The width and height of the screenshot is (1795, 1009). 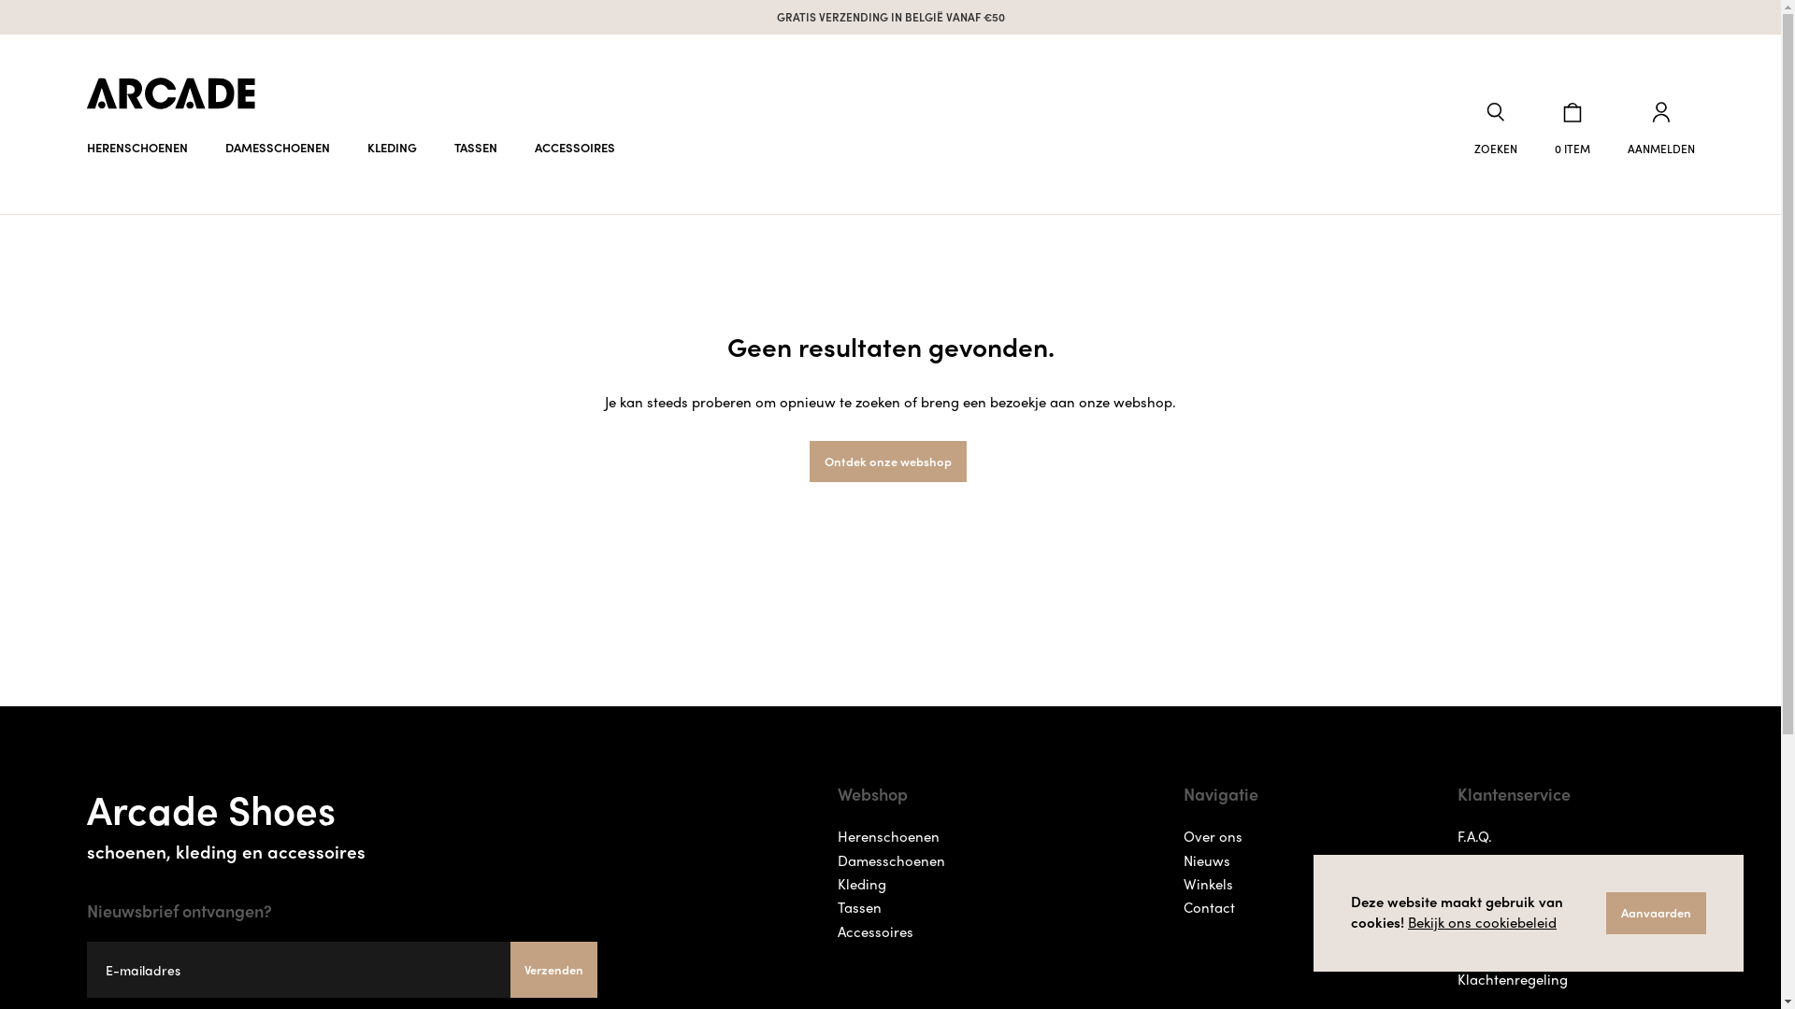 What do you see at coordinates (1208, 883) in the screenshot?
I see `'Winkels'` at bounding box center [1208, 883].